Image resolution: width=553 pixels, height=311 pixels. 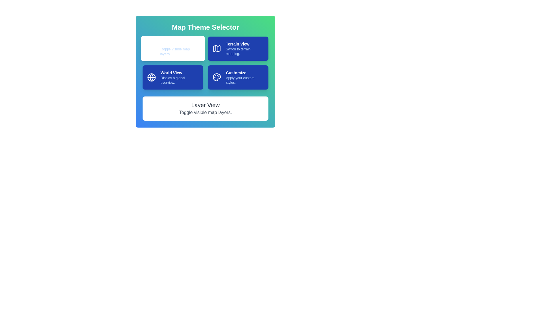 What do you see at coordinates (216, 48) in the screenshot?
I see `the compact blue map icon located inside the 'Terrain View' button` at bounding box center [216, 48].